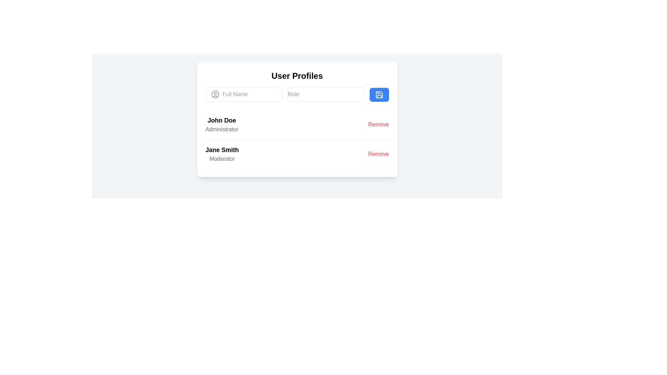 The image size is (667, 375). Describe the element at coordinates (222, 153) in the screenshot. I see `the User profile entry for 'Jane Smith' which is the second user card in the 'User Profiles' section` at that location.